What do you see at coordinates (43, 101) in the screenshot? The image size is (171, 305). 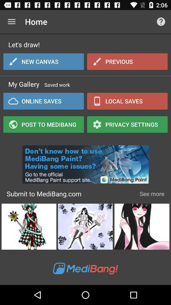 I see `the icon next to local saves` at bounding box center [43, 101].